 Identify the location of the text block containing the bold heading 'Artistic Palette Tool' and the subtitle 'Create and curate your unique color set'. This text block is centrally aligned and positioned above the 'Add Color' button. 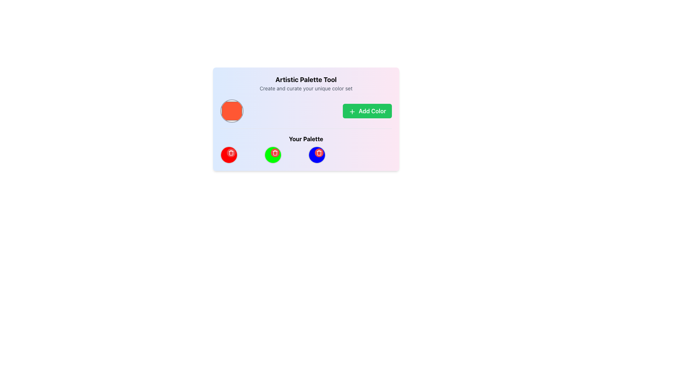
(306, 83).